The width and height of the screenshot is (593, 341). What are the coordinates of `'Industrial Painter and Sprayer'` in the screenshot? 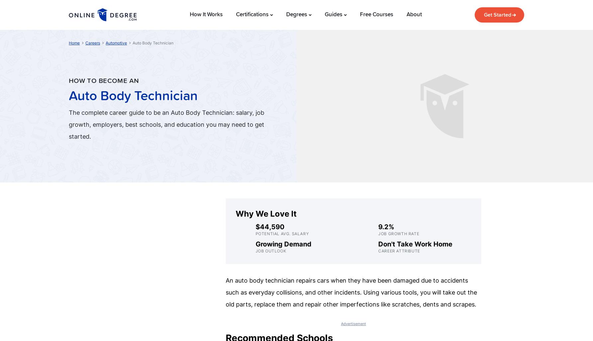 It's located at (351, 228).